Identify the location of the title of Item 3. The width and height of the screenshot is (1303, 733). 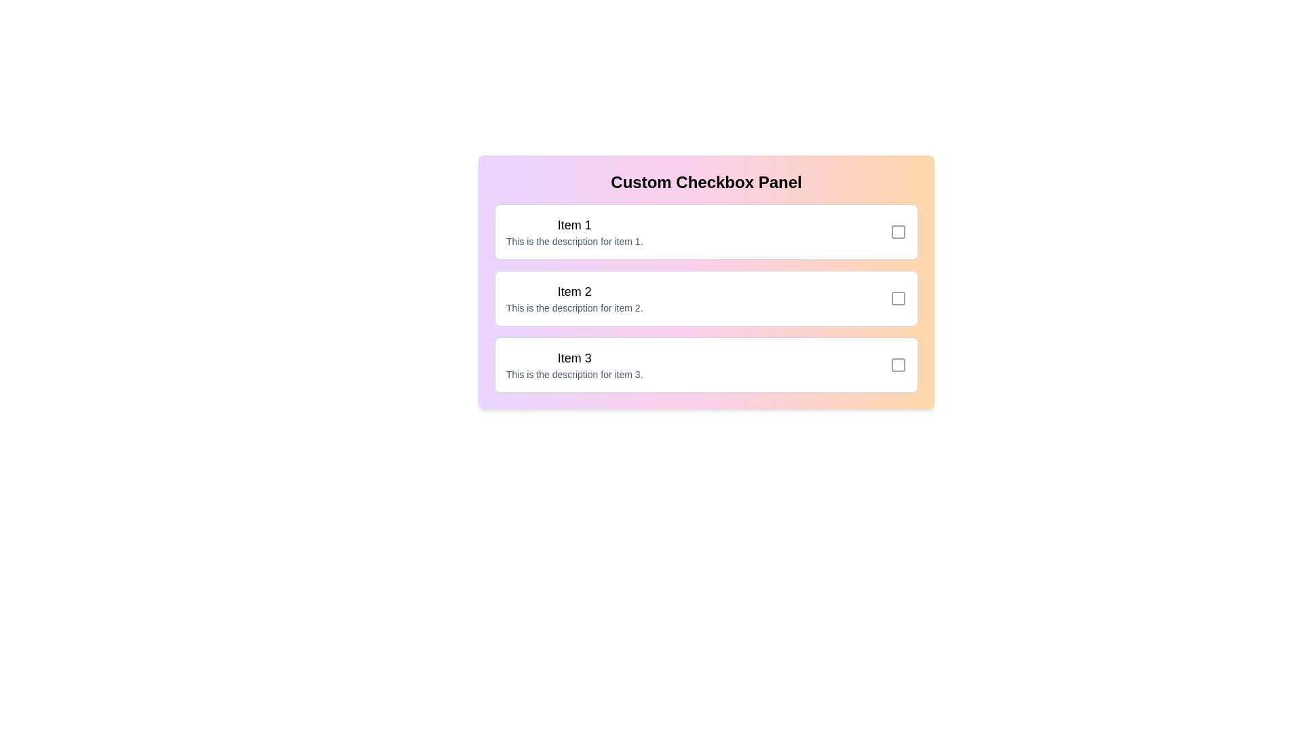
(574, 358).